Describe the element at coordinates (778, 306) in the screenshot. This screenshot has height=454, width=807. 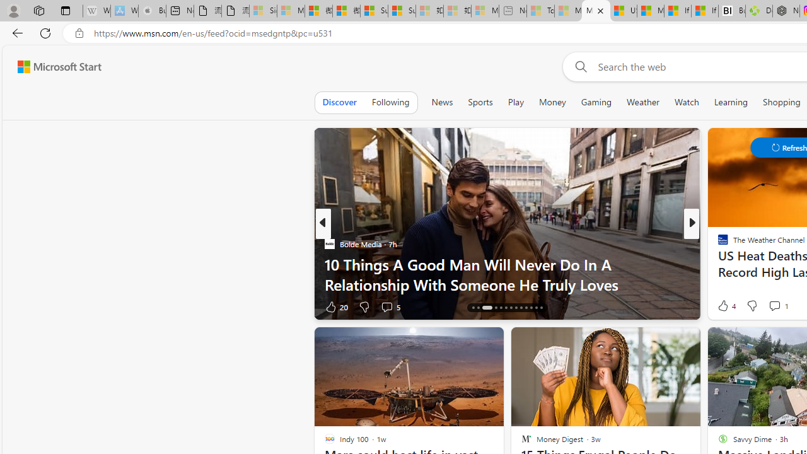
I see `'View comments 3 Comment'` at that location.